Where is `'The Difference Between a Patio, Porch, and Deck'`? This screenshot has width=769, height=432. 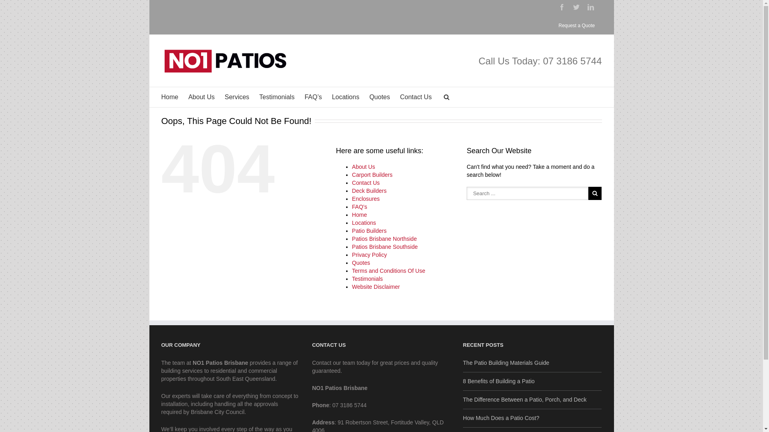
'The Difference Between a Patio, Porch, and Deck' is located at coordinates (532, 397).